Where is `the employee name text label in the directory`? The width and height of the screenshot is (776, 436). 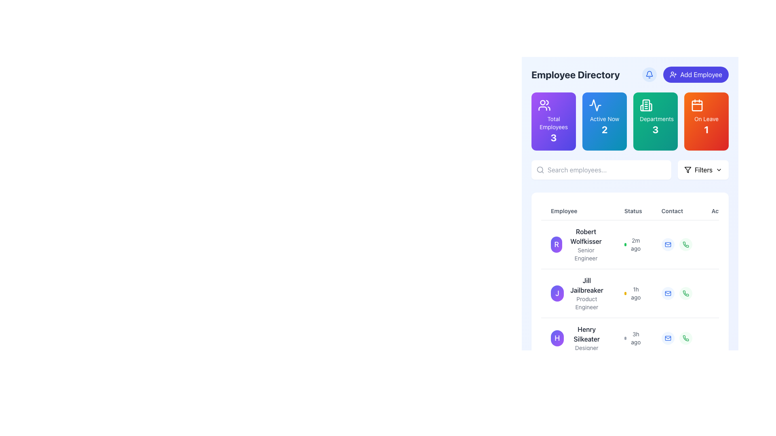 the employee name text label in the directory is located at coordinates (586, 285).